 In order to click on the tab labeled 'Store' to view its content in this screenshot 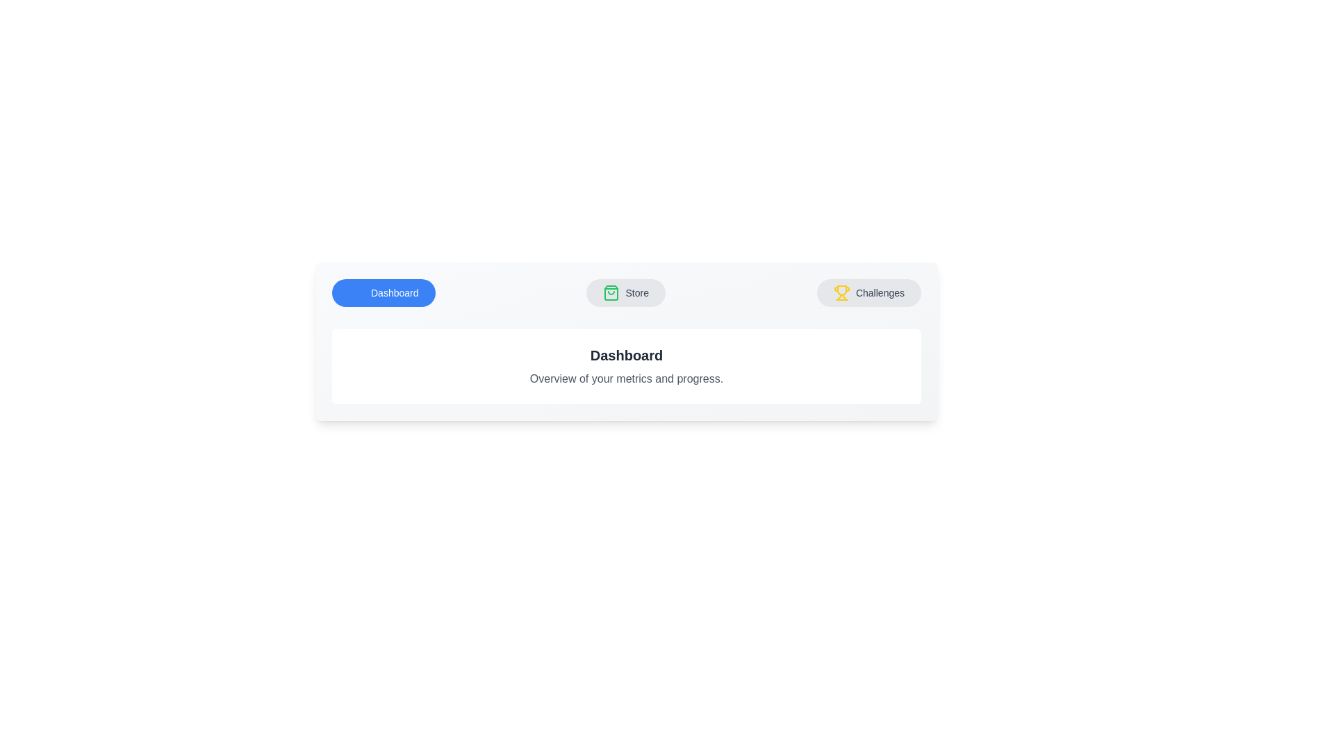, I will do `click(625, 292)`.